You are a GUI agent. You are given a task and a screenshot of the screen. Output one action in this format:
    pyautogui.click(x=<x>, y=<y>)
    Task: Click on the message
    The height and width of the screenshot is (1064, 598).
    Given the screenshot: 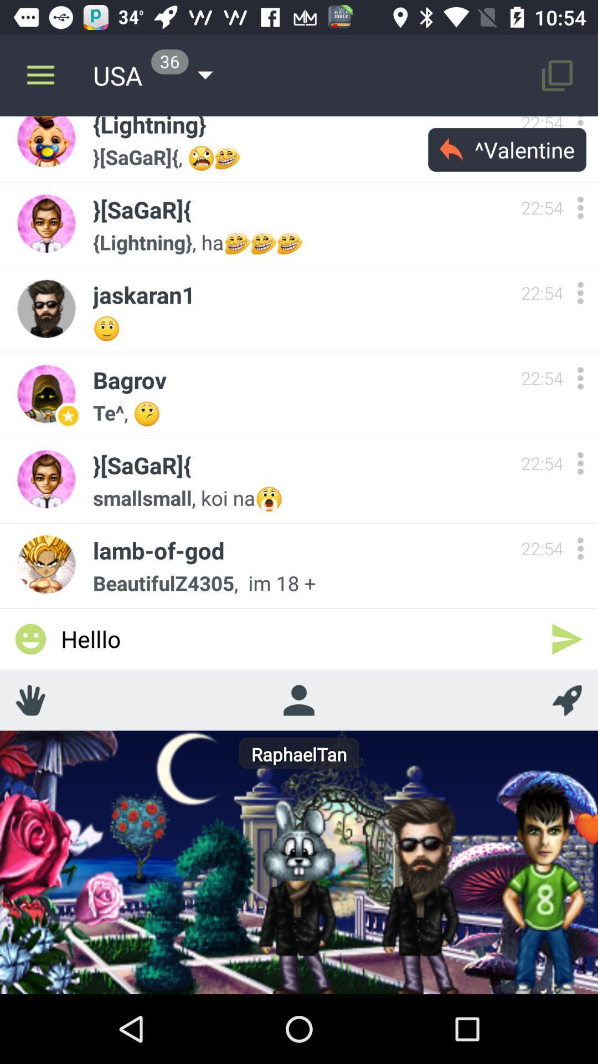 What is the action you would take?
    pyautogui.click(x=567, y=639)
    